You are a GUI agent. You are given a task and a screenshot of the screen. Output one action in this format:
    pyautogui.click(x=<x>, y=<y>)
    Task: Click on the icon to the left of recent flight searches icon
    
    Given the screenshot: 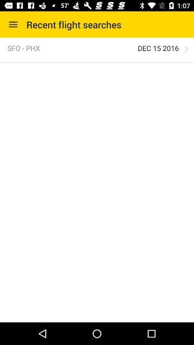 What is the action you would take?
    pyautogui.click(x=13, y=24)
    